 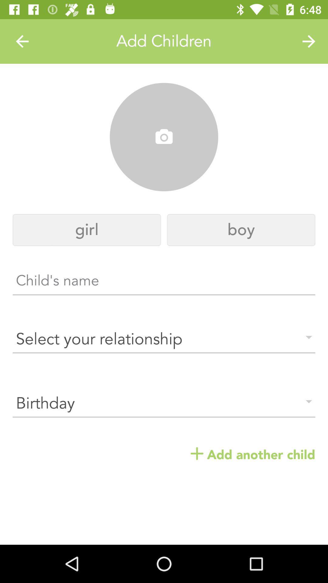 I want to click on the icon above the girl icon, so click(x=164, y=137).